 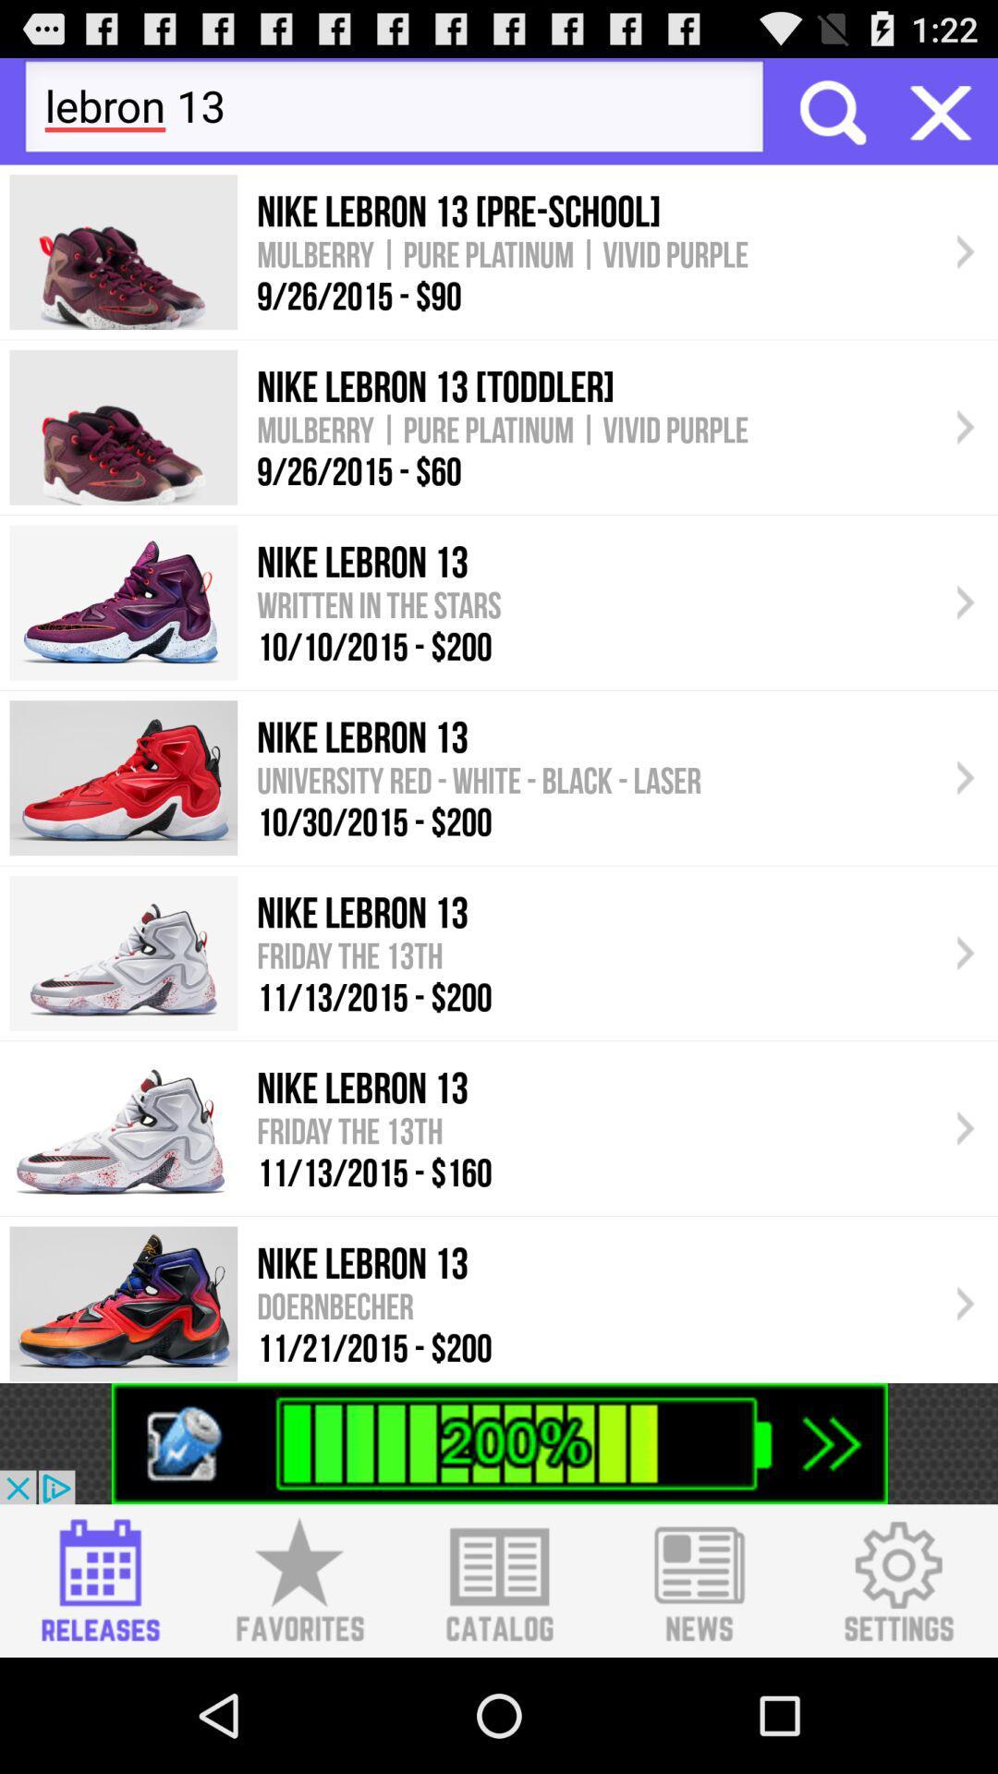 What do you see at coordinates (298, 1692) in the screenshot?
I see `the star icon` at bounding box center [298, 1692].